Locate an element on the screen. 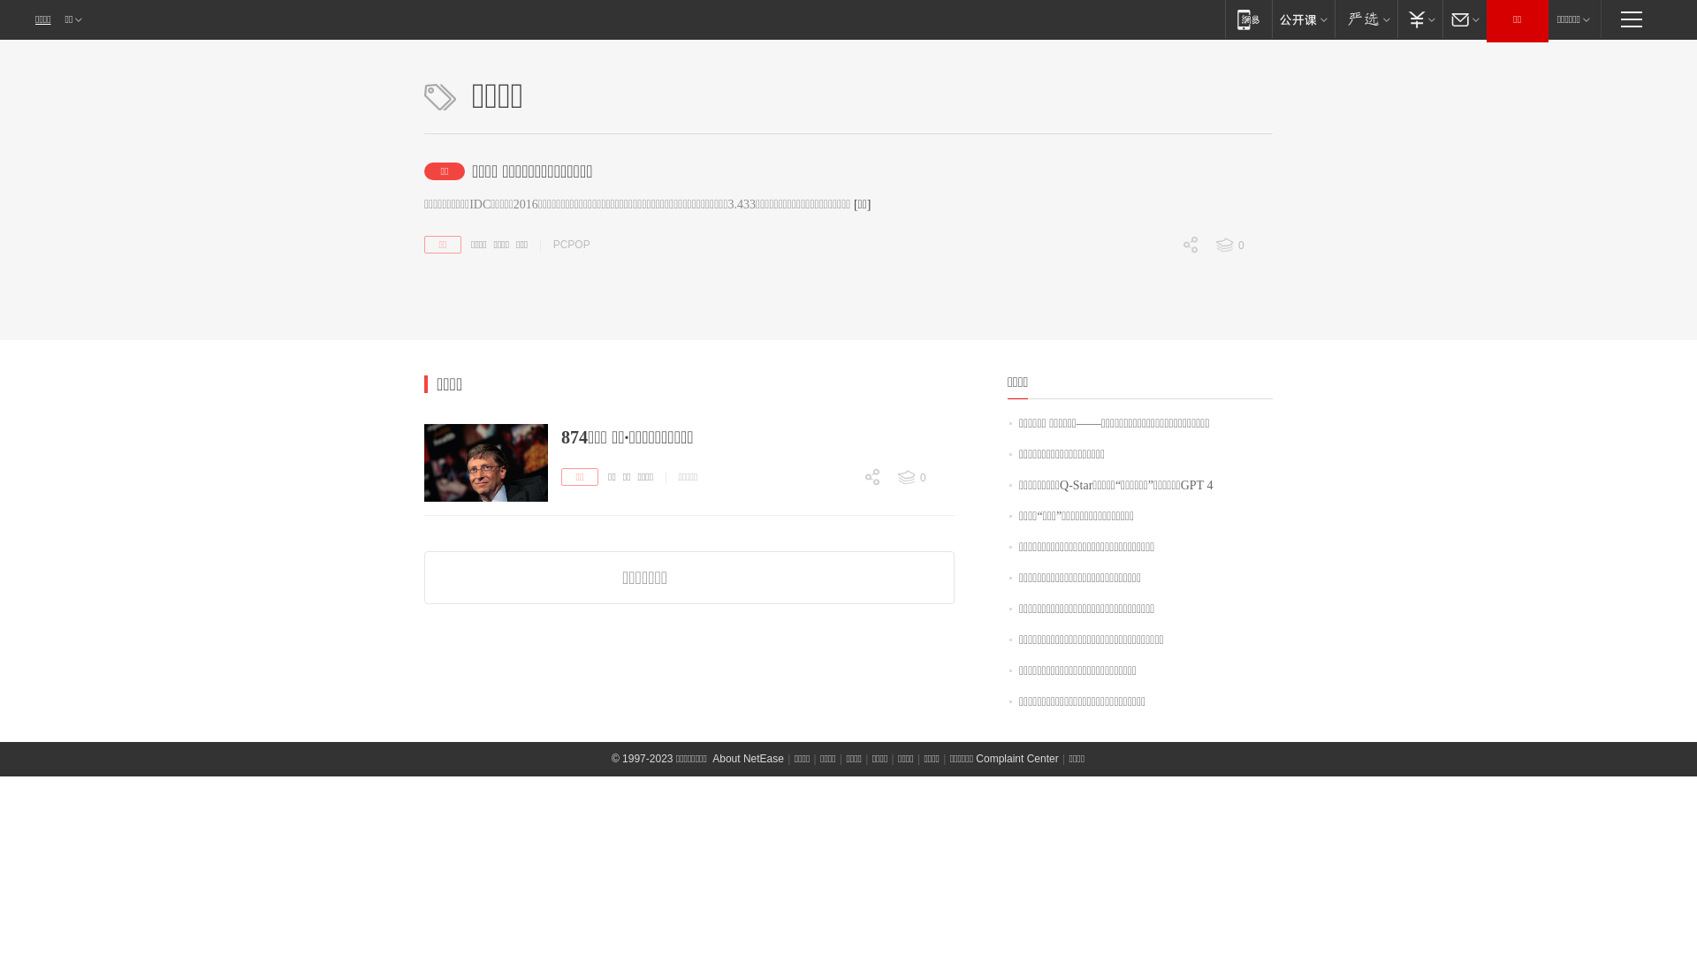 This screenshot has width=1697, height=954. '0' is located at coordinates (1110, 337).